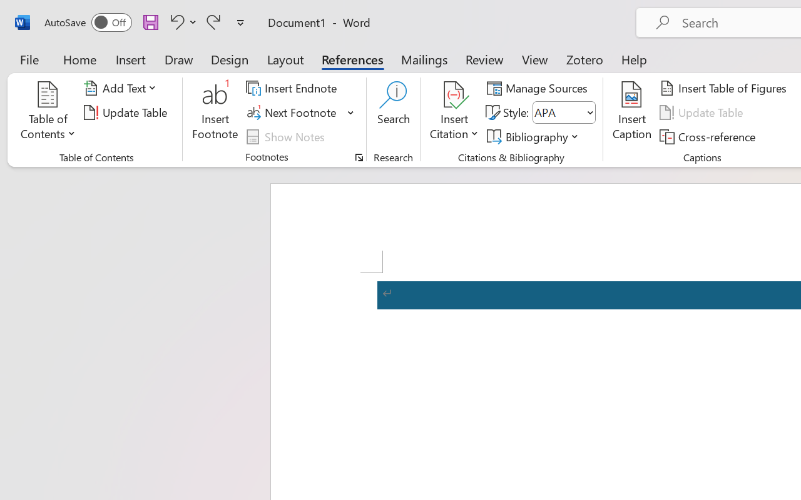 This screenshot has width=801, height=500. I want to click on 'Add Text', so click(122, 88).